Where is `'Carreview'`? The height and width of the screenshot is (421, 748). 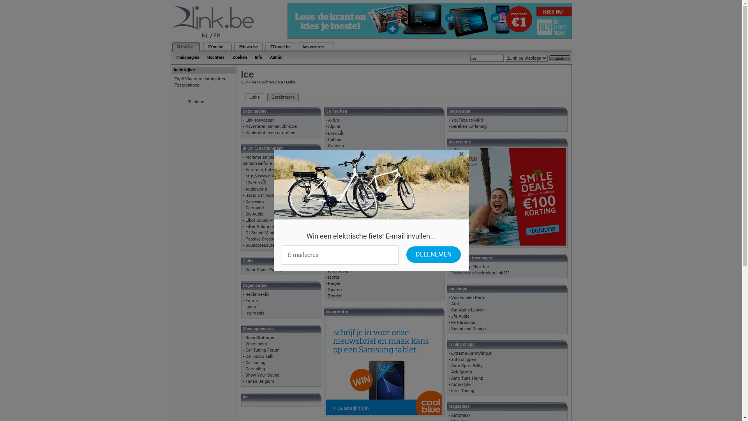
'Carreview' is located at coordinates (255, 201).